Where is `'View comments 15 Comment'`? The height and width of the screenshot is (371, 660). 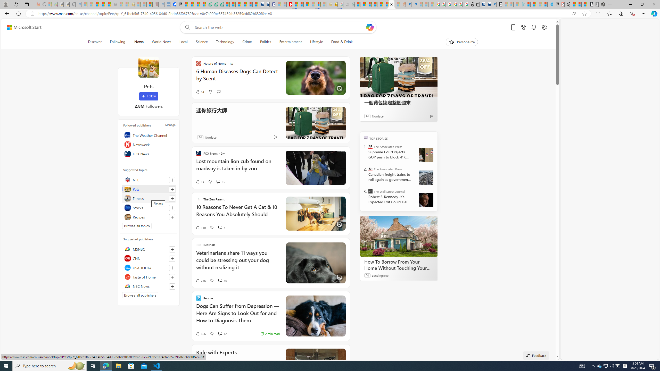
'View comments 15 Comment' is located at coordinates (218, 181).